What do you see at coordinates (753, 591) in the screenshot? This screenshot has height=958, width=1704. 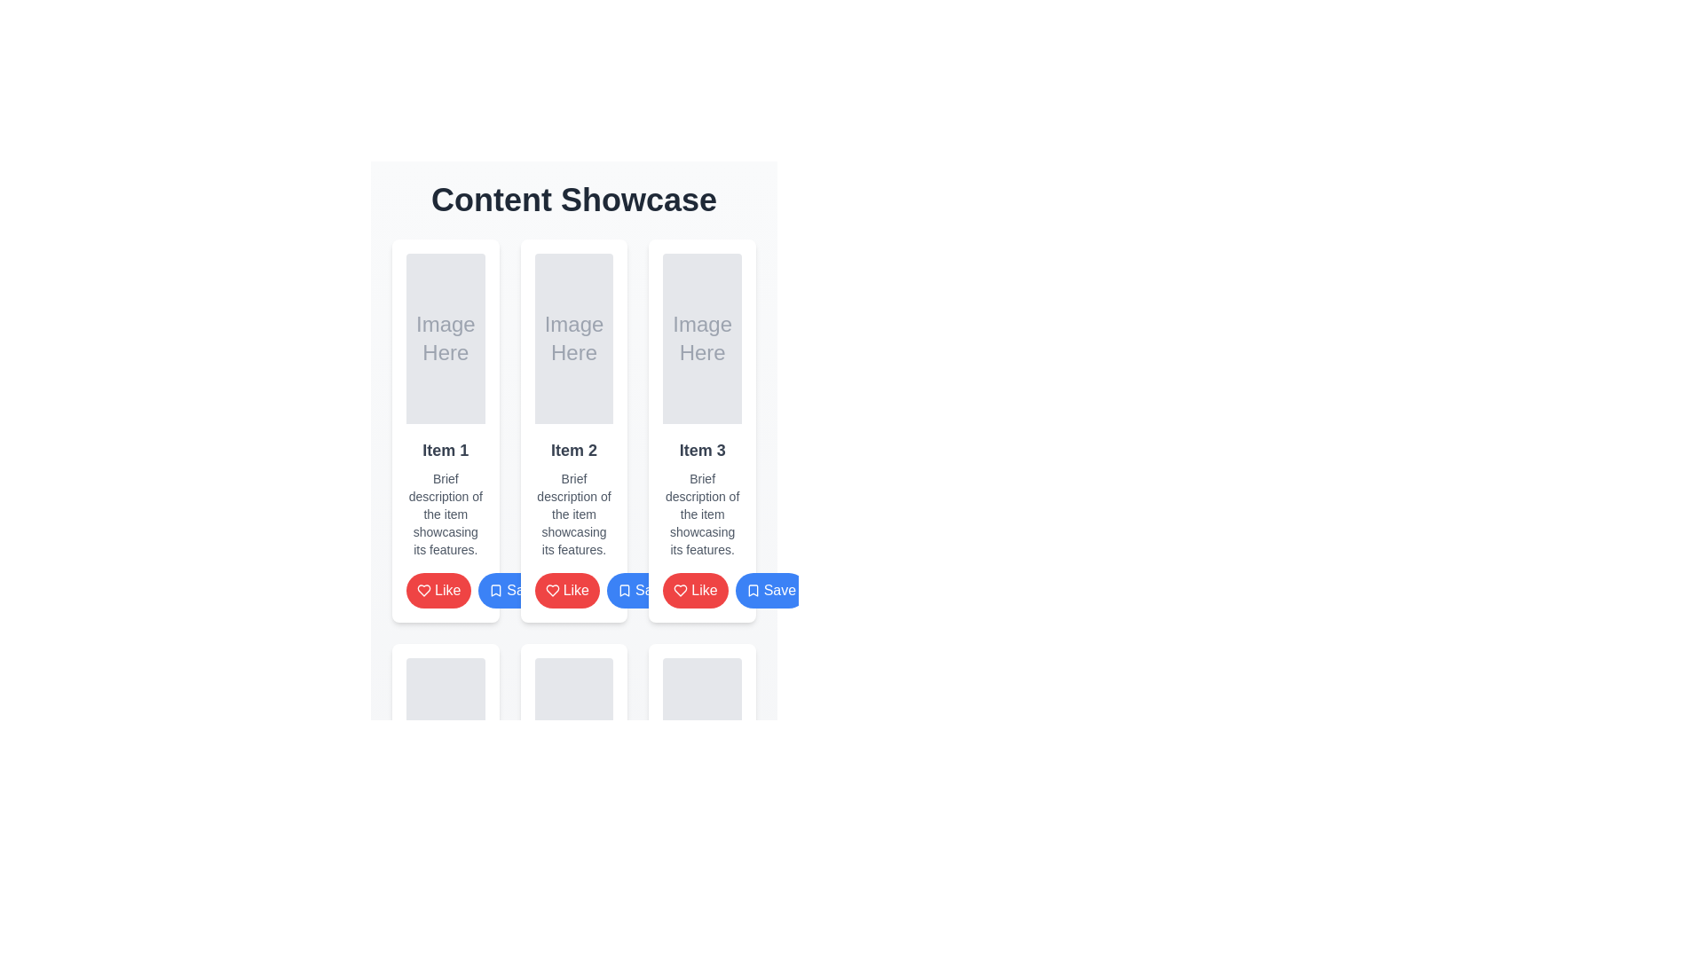 I see `the 'Save' icon, which is located within the 'Save' button of the third item in a vertical list` at bounding box center [753, 591].